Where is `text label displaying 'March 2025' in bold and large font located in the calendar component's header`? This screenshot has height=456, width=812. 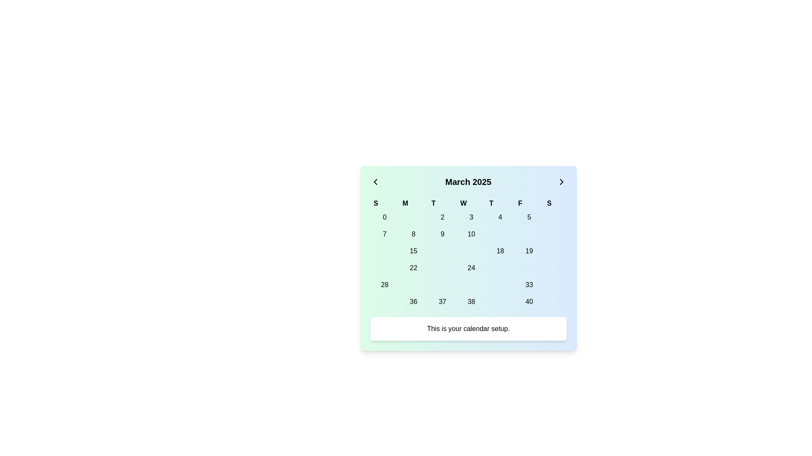
text label displaying 'March 2025' in bold and large font located in the calendar component's header is located at coordinates (468, 182).